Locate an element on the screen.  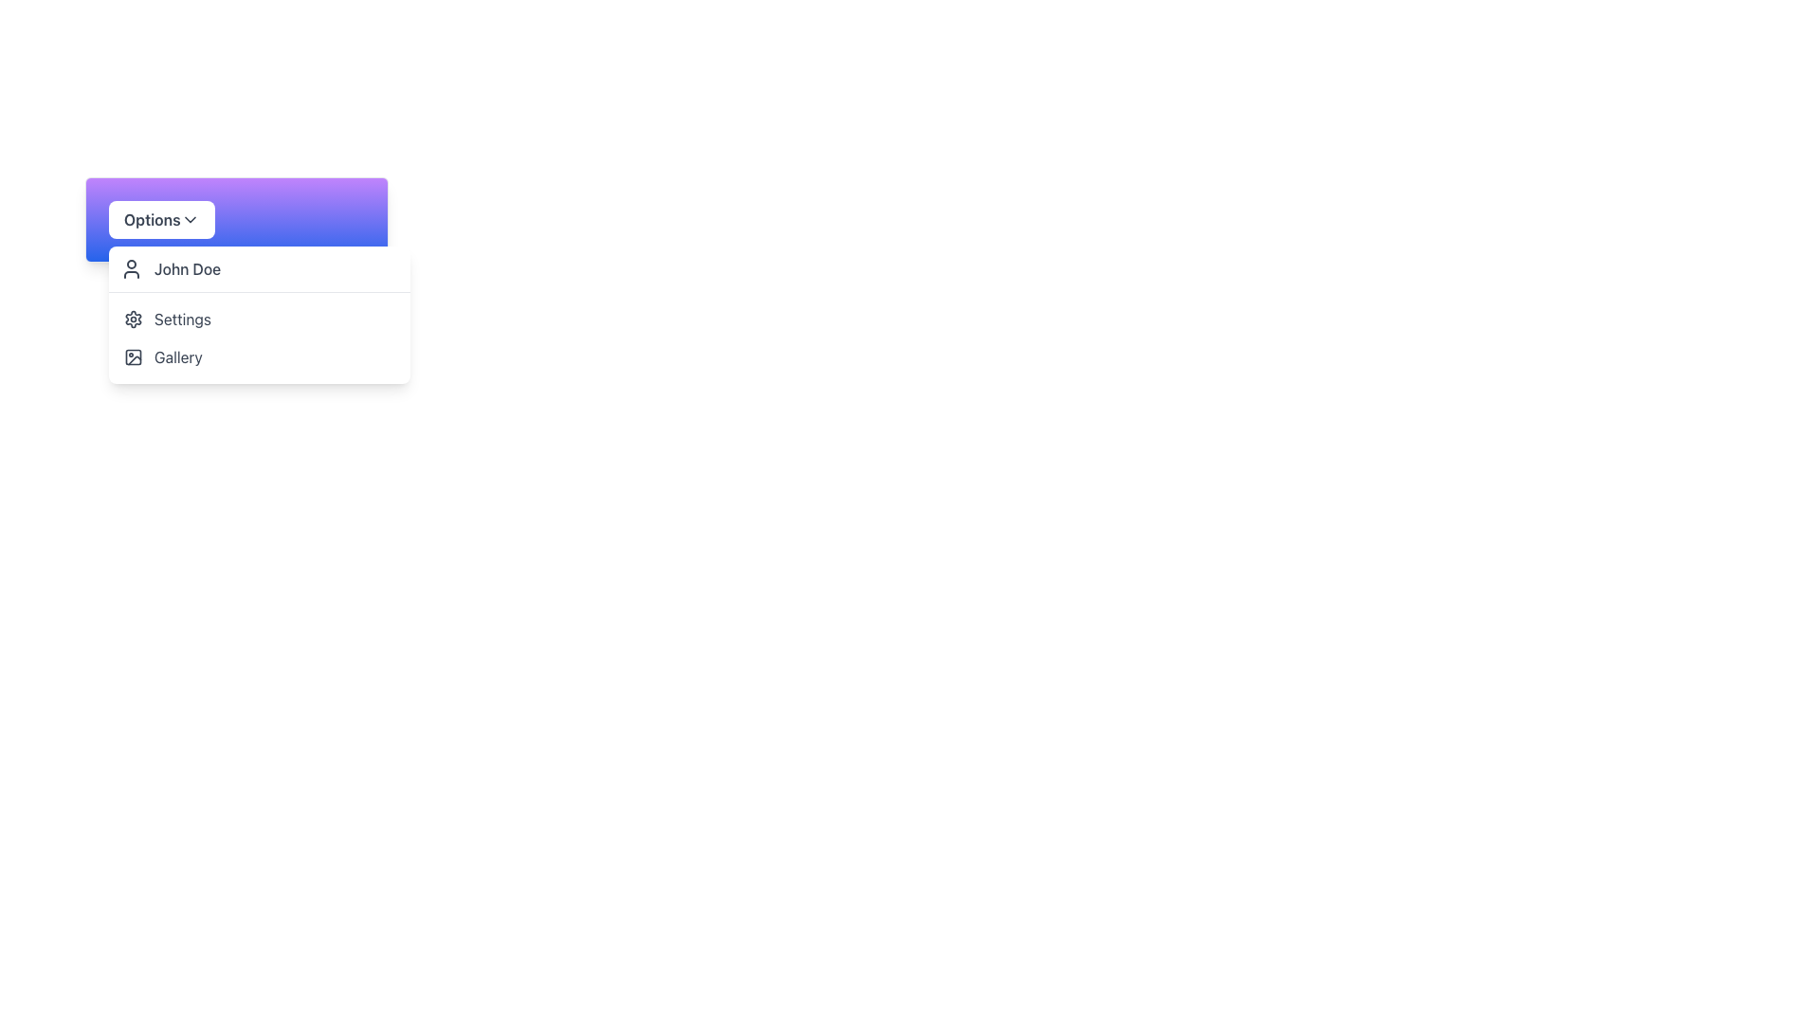
gray text label that says 'Settings', which is the second item in a vertical menu, positioned beneath 'John Doe' and above 'Gallery' is located at coordinates (182, 318).